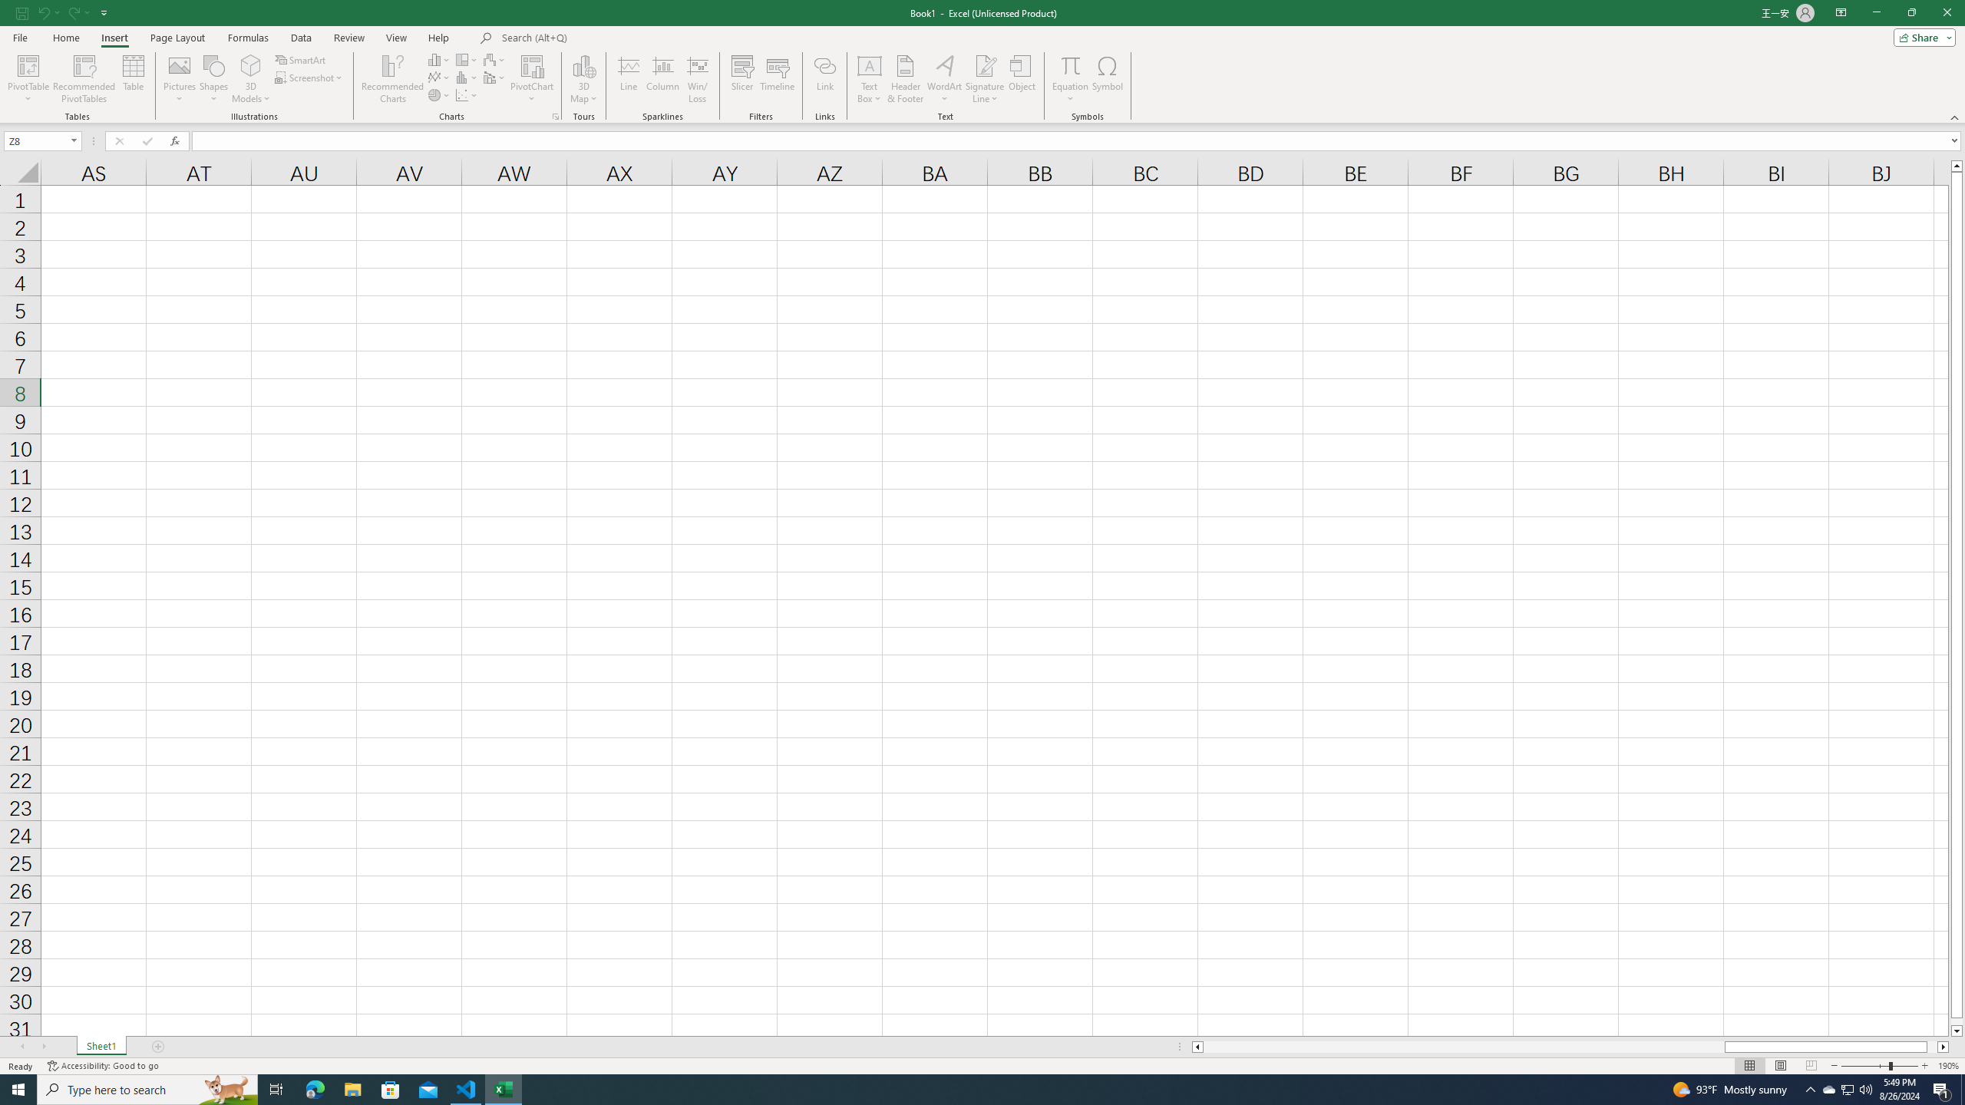 This screenshot has width=1965, height=1105. Describe the element at coordinates (494, 59) in the screenshot. I see `'Insert Waterfall, Funnel, Stock, Surface, or Radar Chart'` at that location.